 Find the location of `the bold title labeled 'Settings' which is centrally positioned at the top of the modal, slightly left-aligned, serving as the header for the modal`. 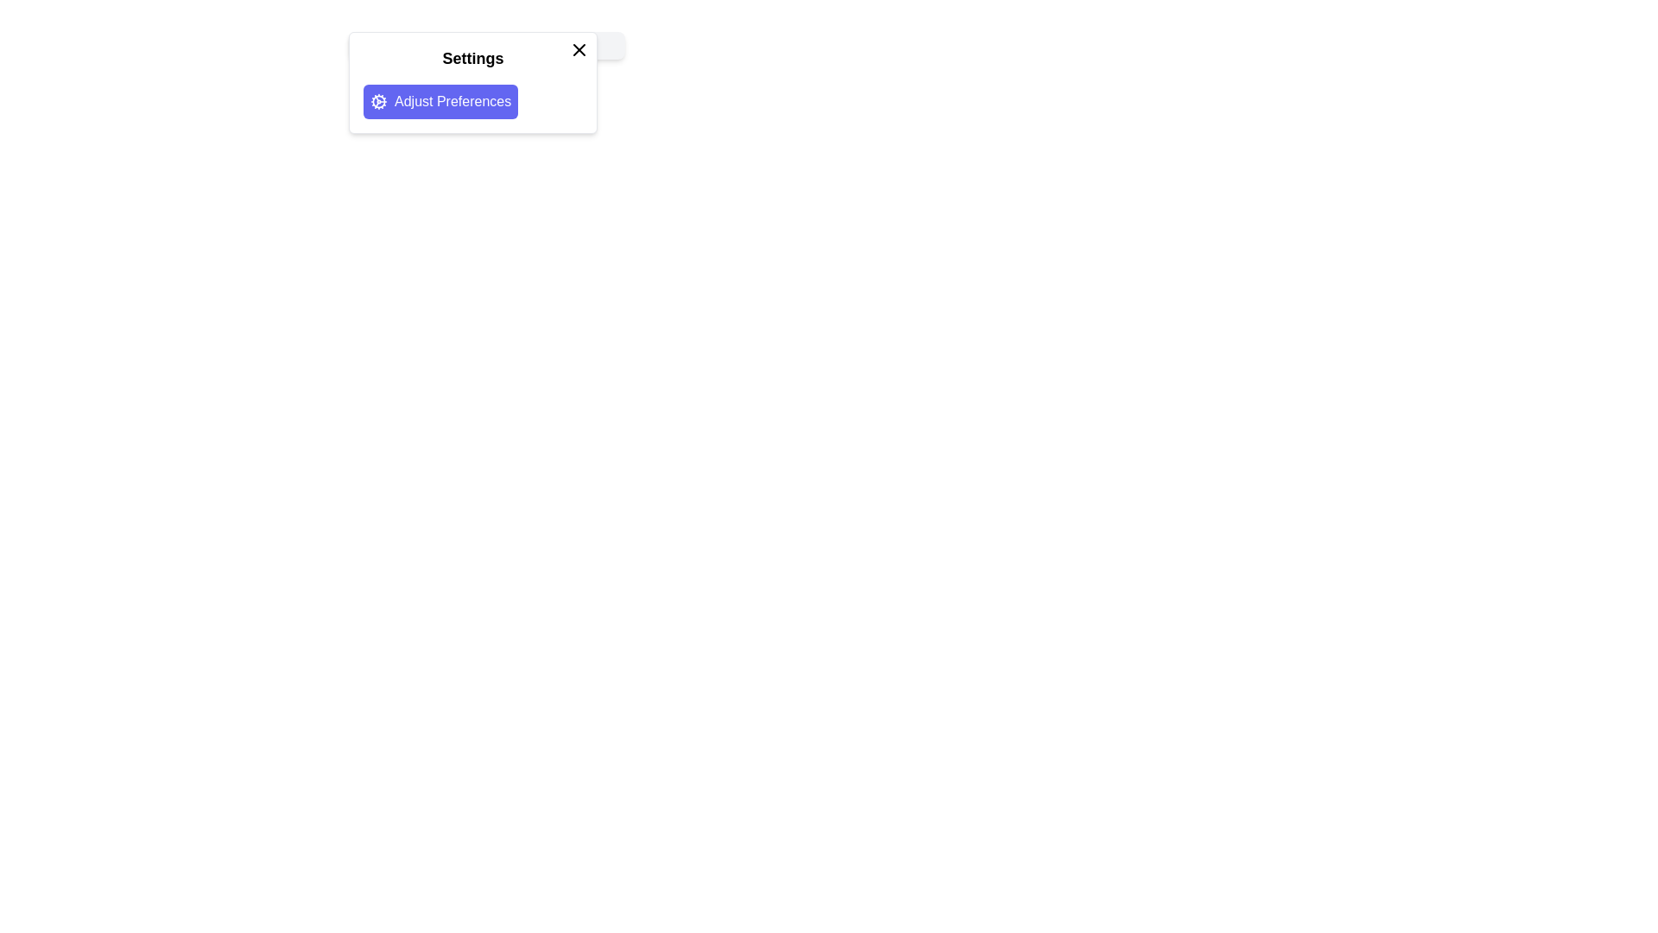

the bold title labeled 'Settings' which is centrally positioned at the top of the modal, slightly left-aligned, serving as the header for the modal is located at coordinates (486, 45).